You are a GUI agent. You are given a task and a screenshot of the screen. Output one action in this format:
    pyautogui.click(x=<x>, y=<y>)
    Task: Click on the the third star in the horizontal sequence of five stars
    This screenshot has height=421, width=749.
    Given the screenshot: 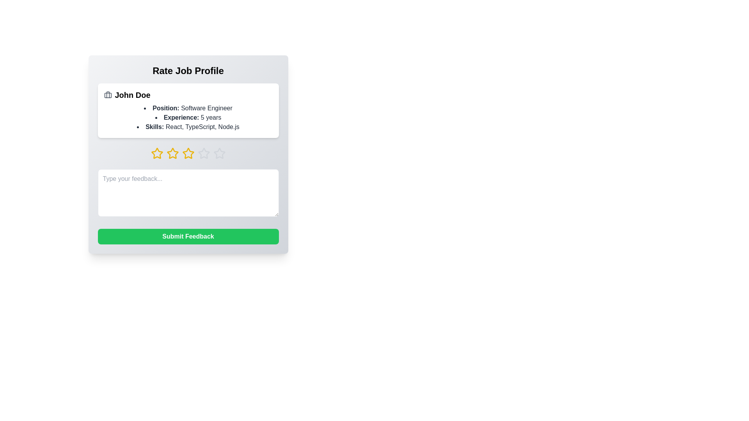 What is the action you would take?
    pyautogui.click(x=188, y=153)
    